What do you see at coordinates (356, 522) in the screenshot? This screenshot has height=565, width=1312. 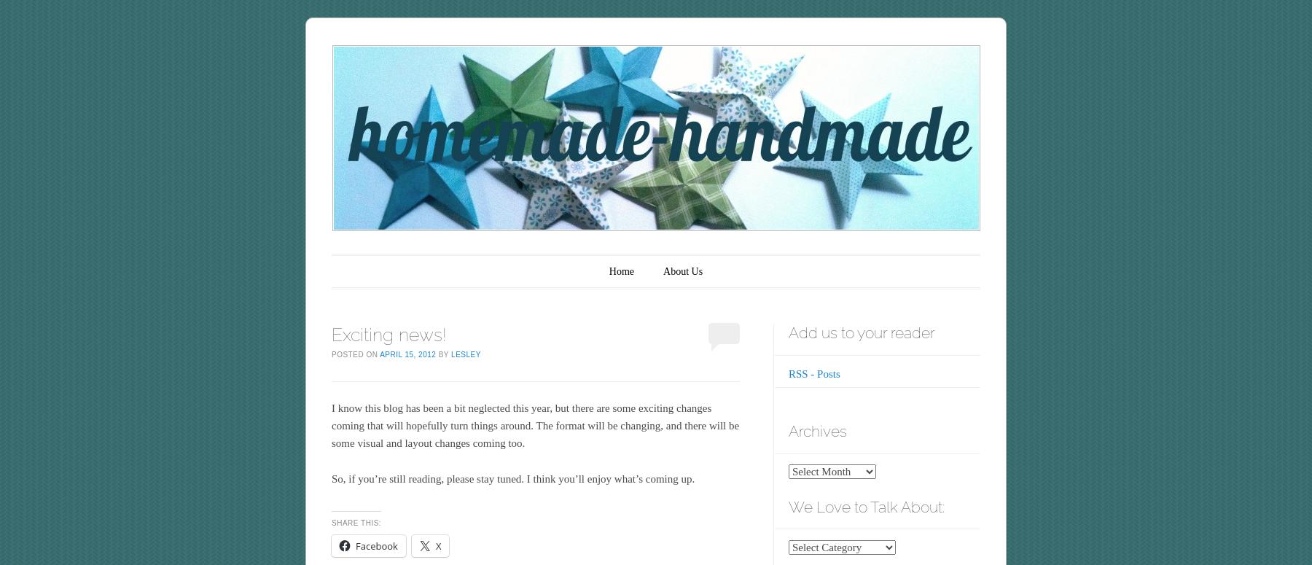 I see `'Share this:'` at bounding box center [356, 522].